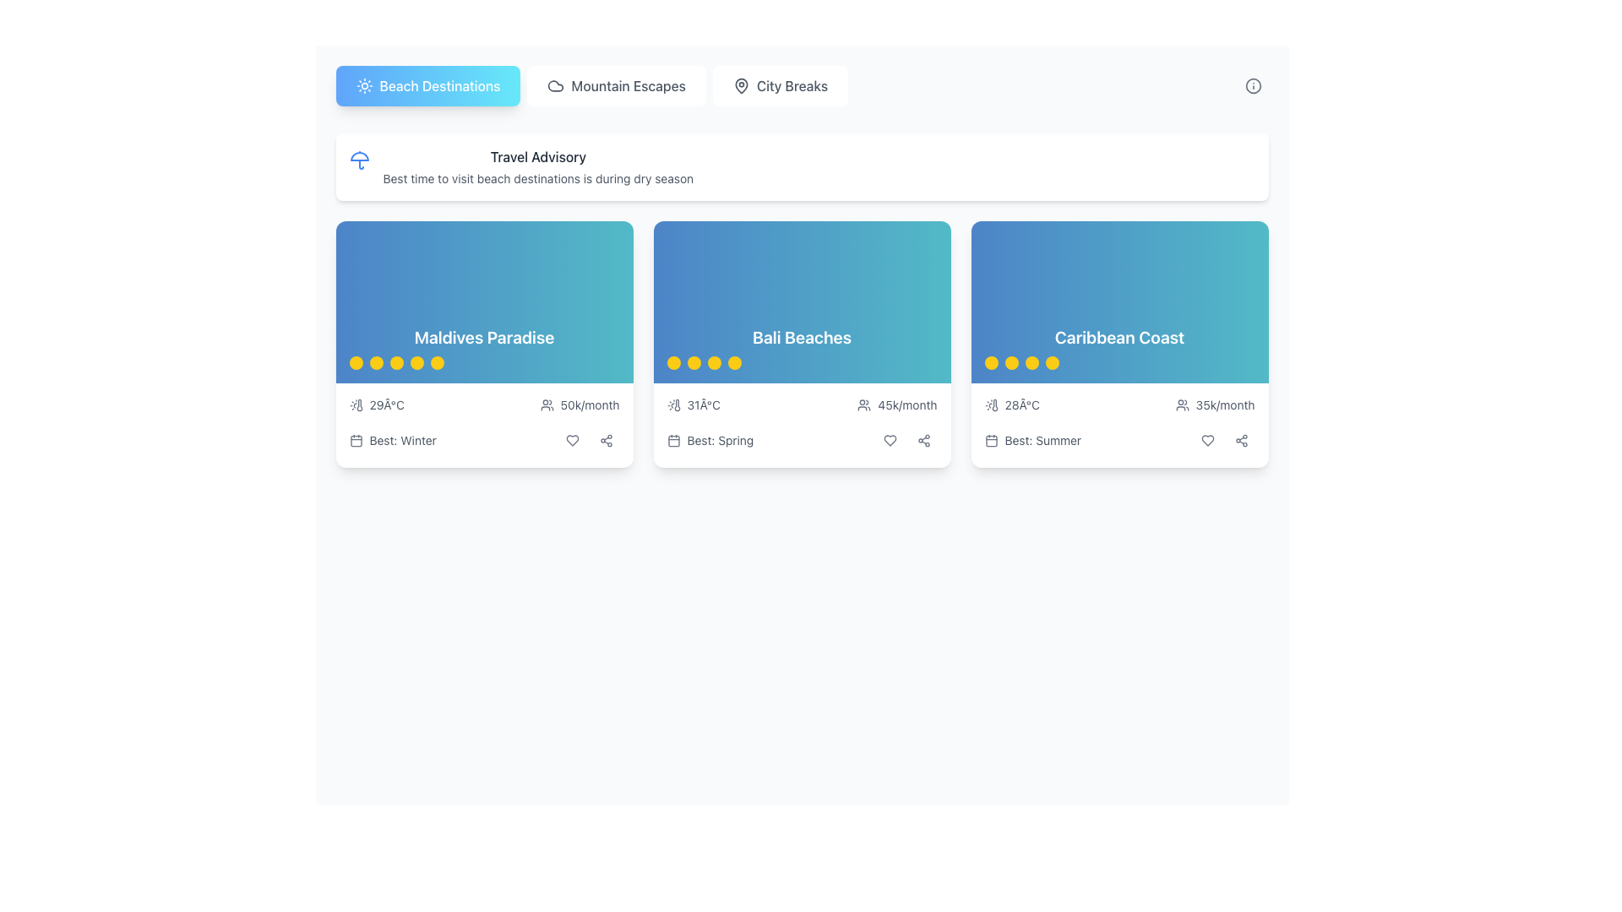 This screenshot has height=912, width=1622. Describe the element at coordinates (991, 361) in the screenshot. I see `the first circular indicator in the rating section below the 'Caribbean Coast' card, which represents a single unit of a four-unit rating system` at that location.